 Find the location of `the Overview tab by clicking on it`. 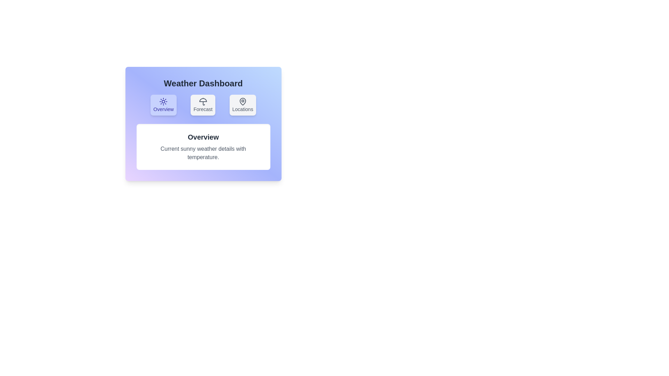

the Overview tab by clicking on it is located at coordinates (163, 105).